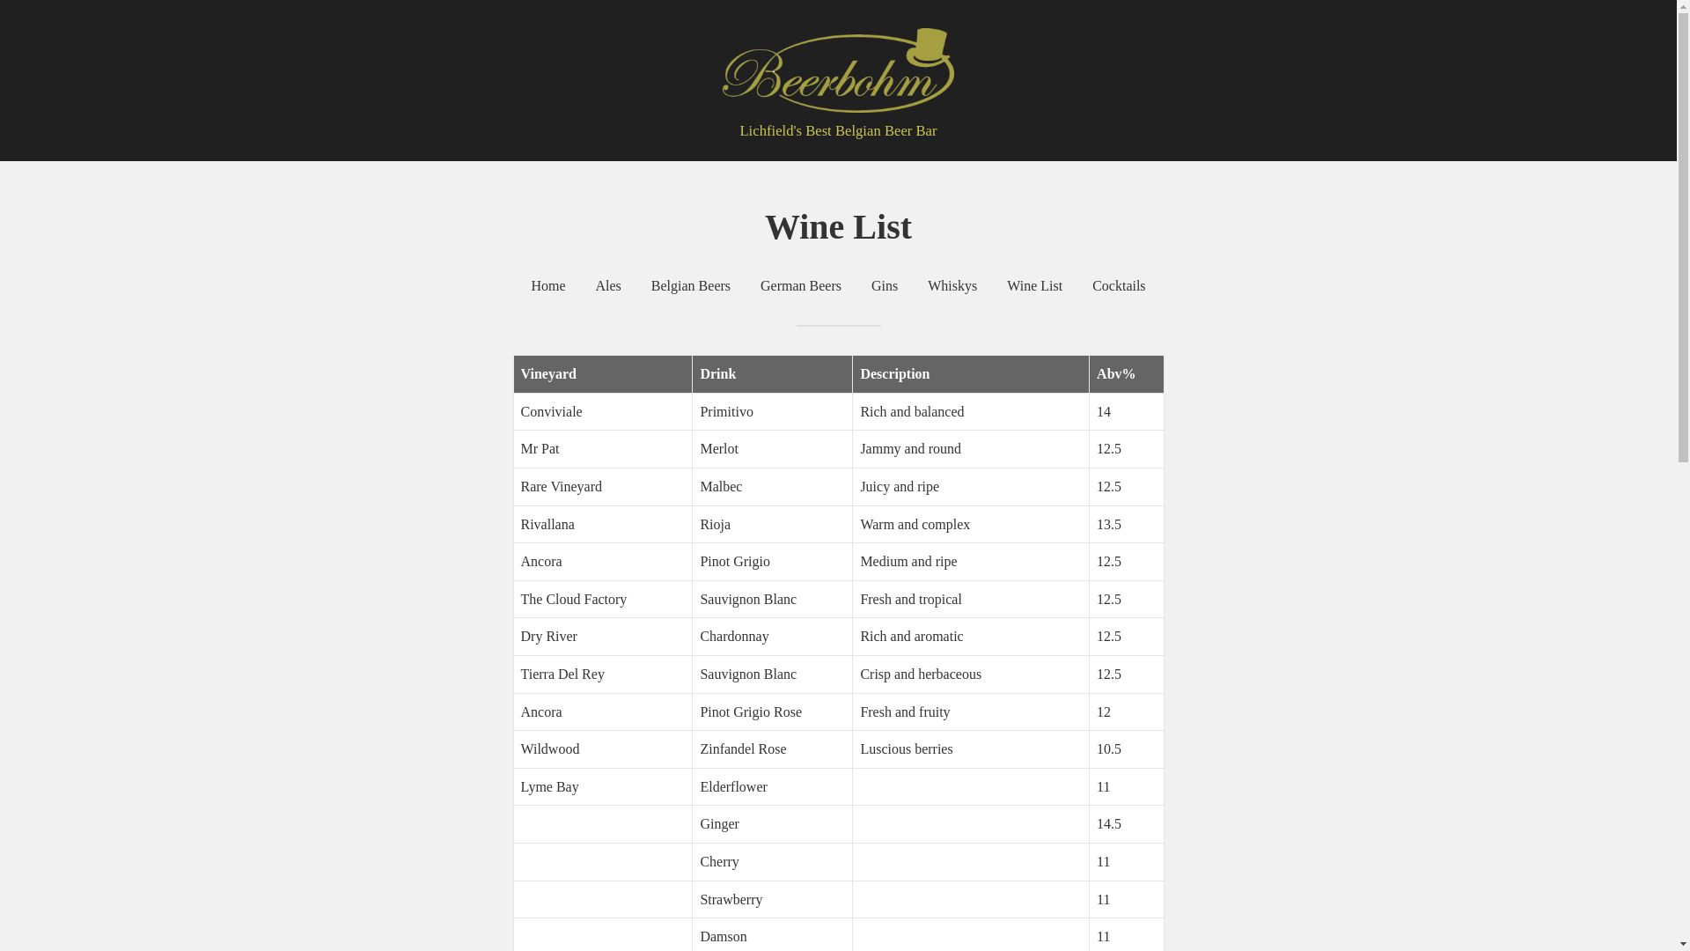 Image resolution: width=1690 pixels, height=951 pixels. What do you see at coordinates (690, 284) in the screenshot?
I see `'Belgian Beers'` at bounding box center [690, 284].